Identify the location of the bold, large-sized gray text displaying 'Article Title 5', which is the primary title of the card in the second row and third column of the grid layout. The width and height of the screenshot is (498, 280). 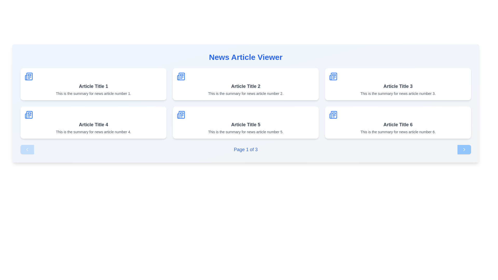
(245, 125).